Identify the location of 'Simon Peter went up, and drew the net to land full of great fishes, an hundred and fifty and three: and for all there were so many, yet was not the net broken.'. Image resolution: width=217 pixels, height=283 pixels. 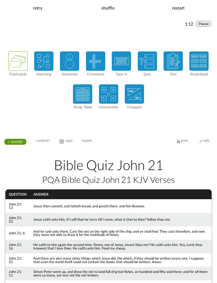
(120, 273).